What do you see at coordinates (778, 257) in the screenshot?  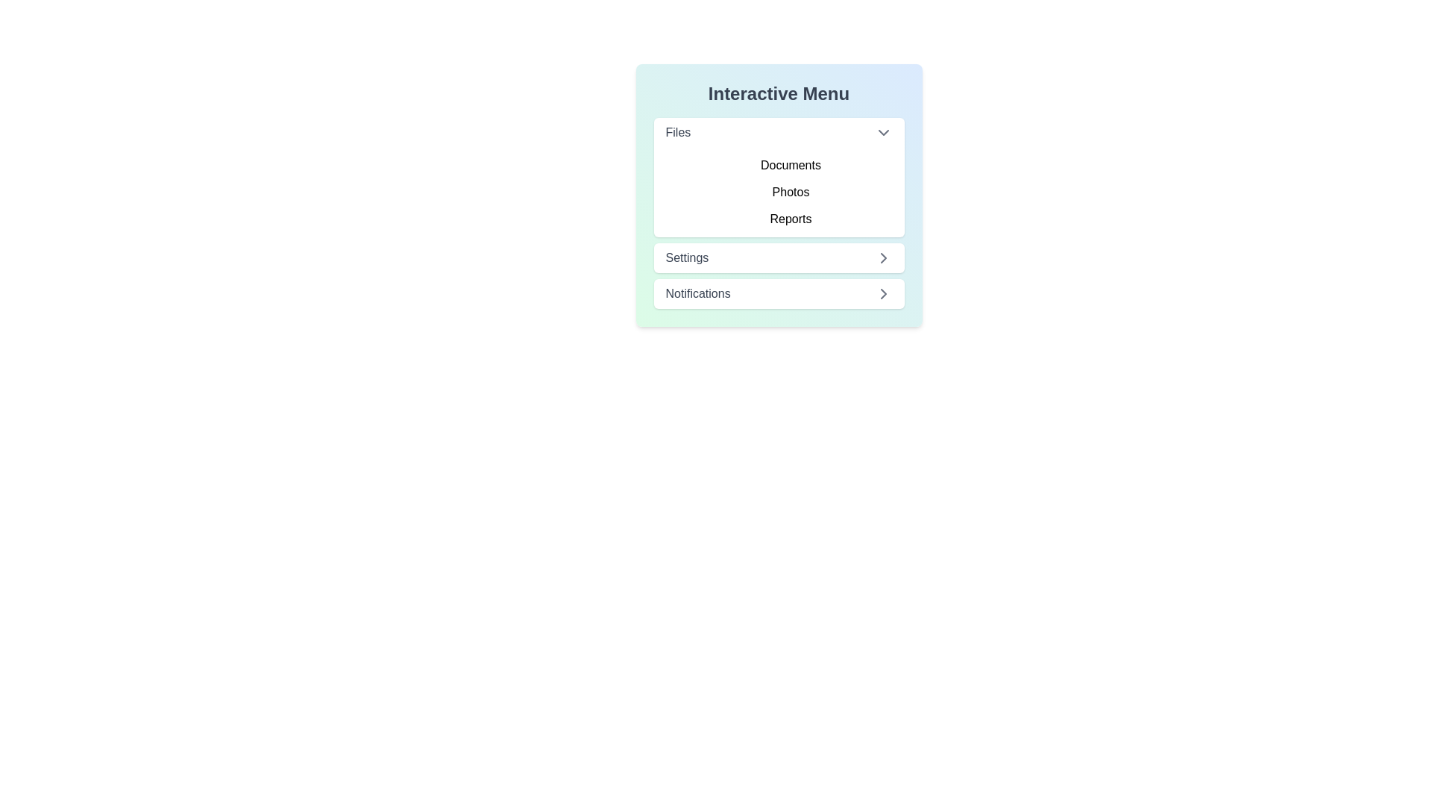 I see `the settings button located in the menu, which is the second to last button in the vertical list, situated directly below the 'Documents' section` at bounding box center [778, 257].